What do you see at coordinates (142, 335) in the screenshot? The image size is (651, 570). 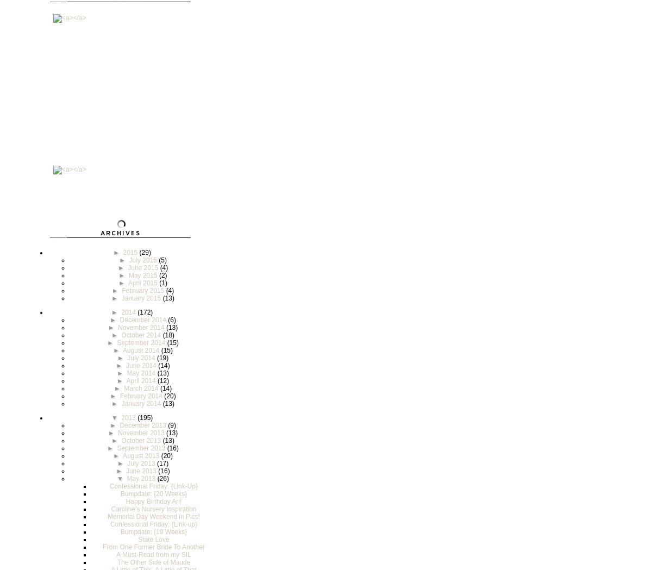 I see `'October 2014'` at bounding box center [142, 335].